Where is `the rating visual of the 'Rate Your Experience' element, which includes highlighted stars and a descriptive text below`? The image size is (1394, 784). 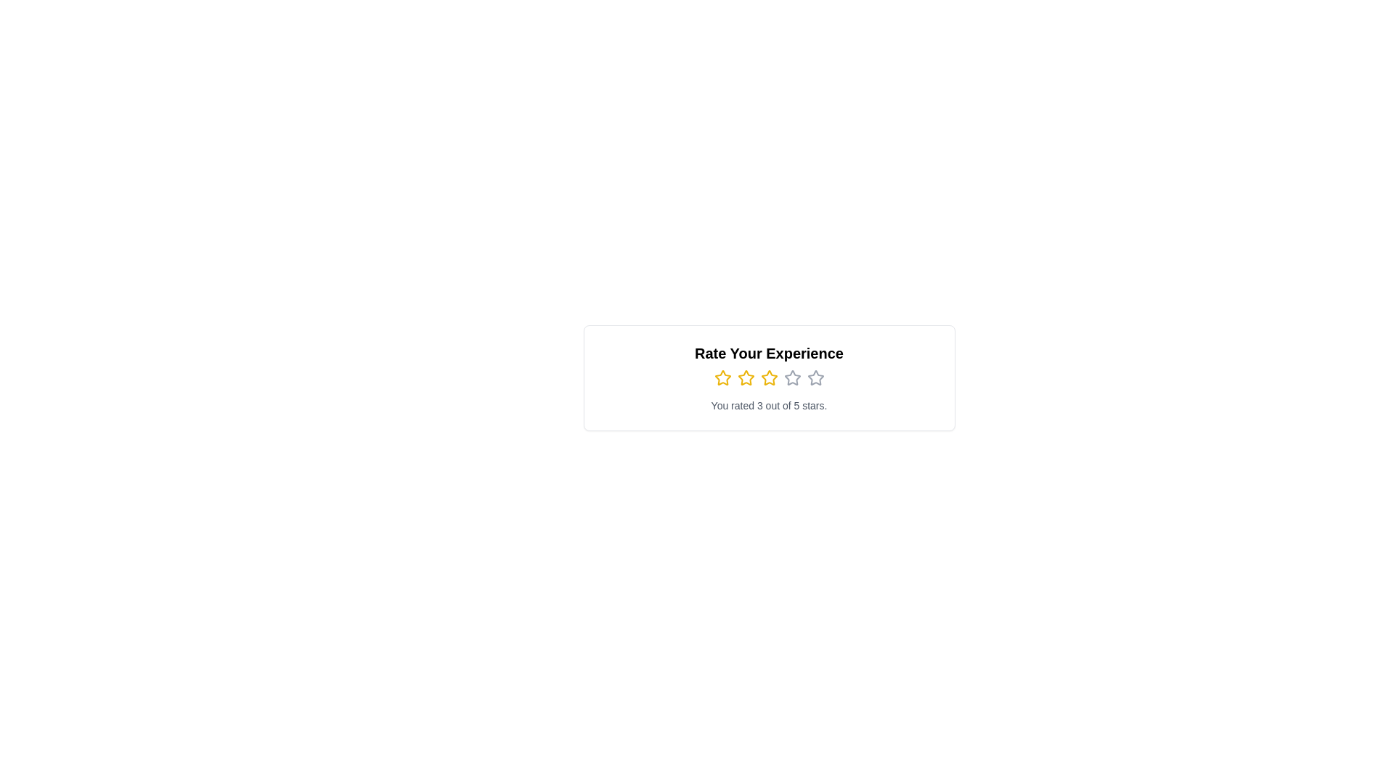
the rating visual of the 'Rate Your Experience' element, which includes highlighted stars and a descriptive text below is located at coordinates (768, 377).